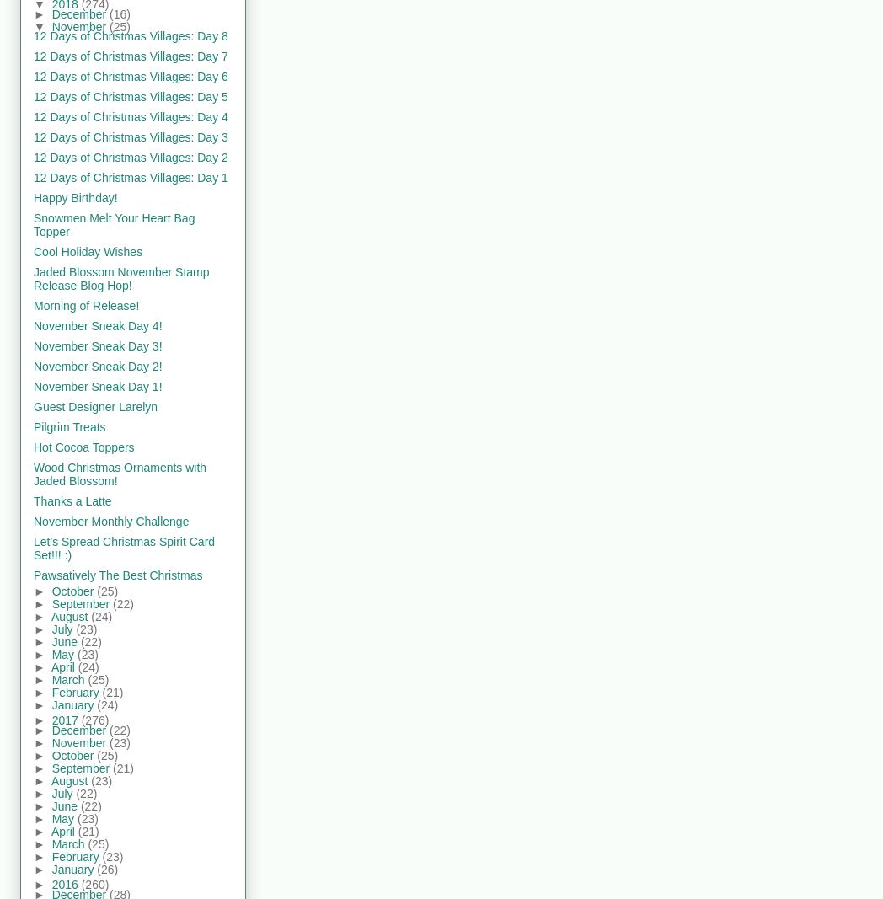  I want to click on 'Wood Christmas Ornaments with Jaded Blossom!', so click(120, 474).